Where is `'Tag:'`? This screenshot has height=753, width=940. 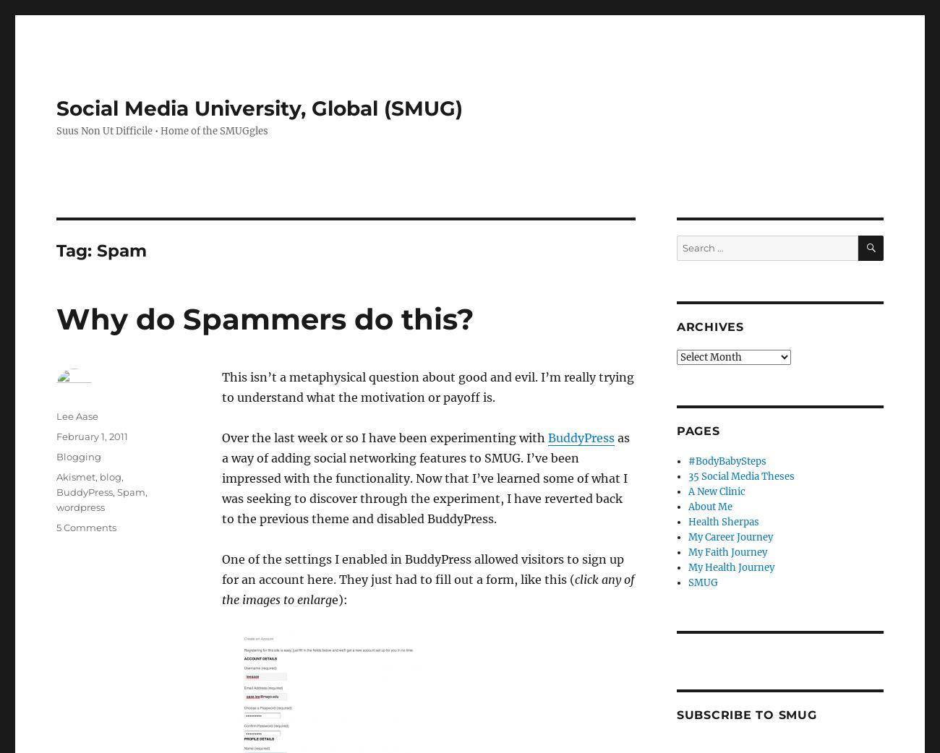 'Tag:' is located at coordinates (76, 250).